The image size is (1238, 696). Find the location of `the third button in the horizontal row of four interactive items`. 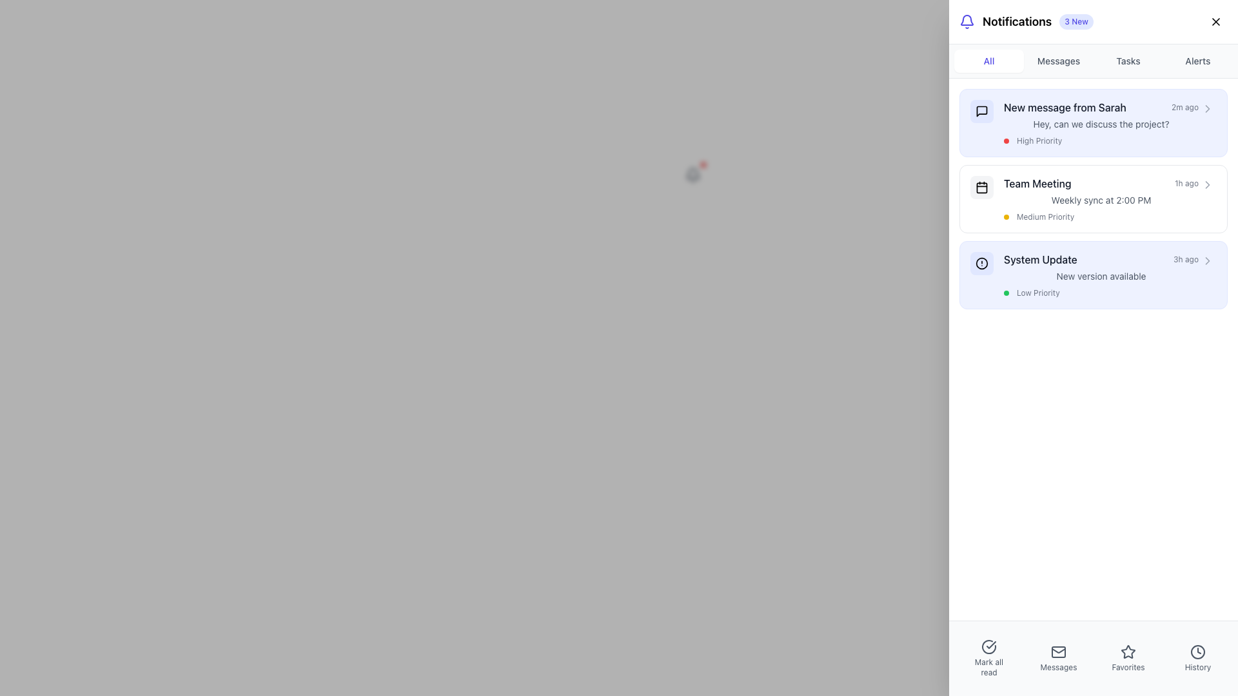

the third button in the horizontal row of four interactive items is located at coordinates (1128, 659).